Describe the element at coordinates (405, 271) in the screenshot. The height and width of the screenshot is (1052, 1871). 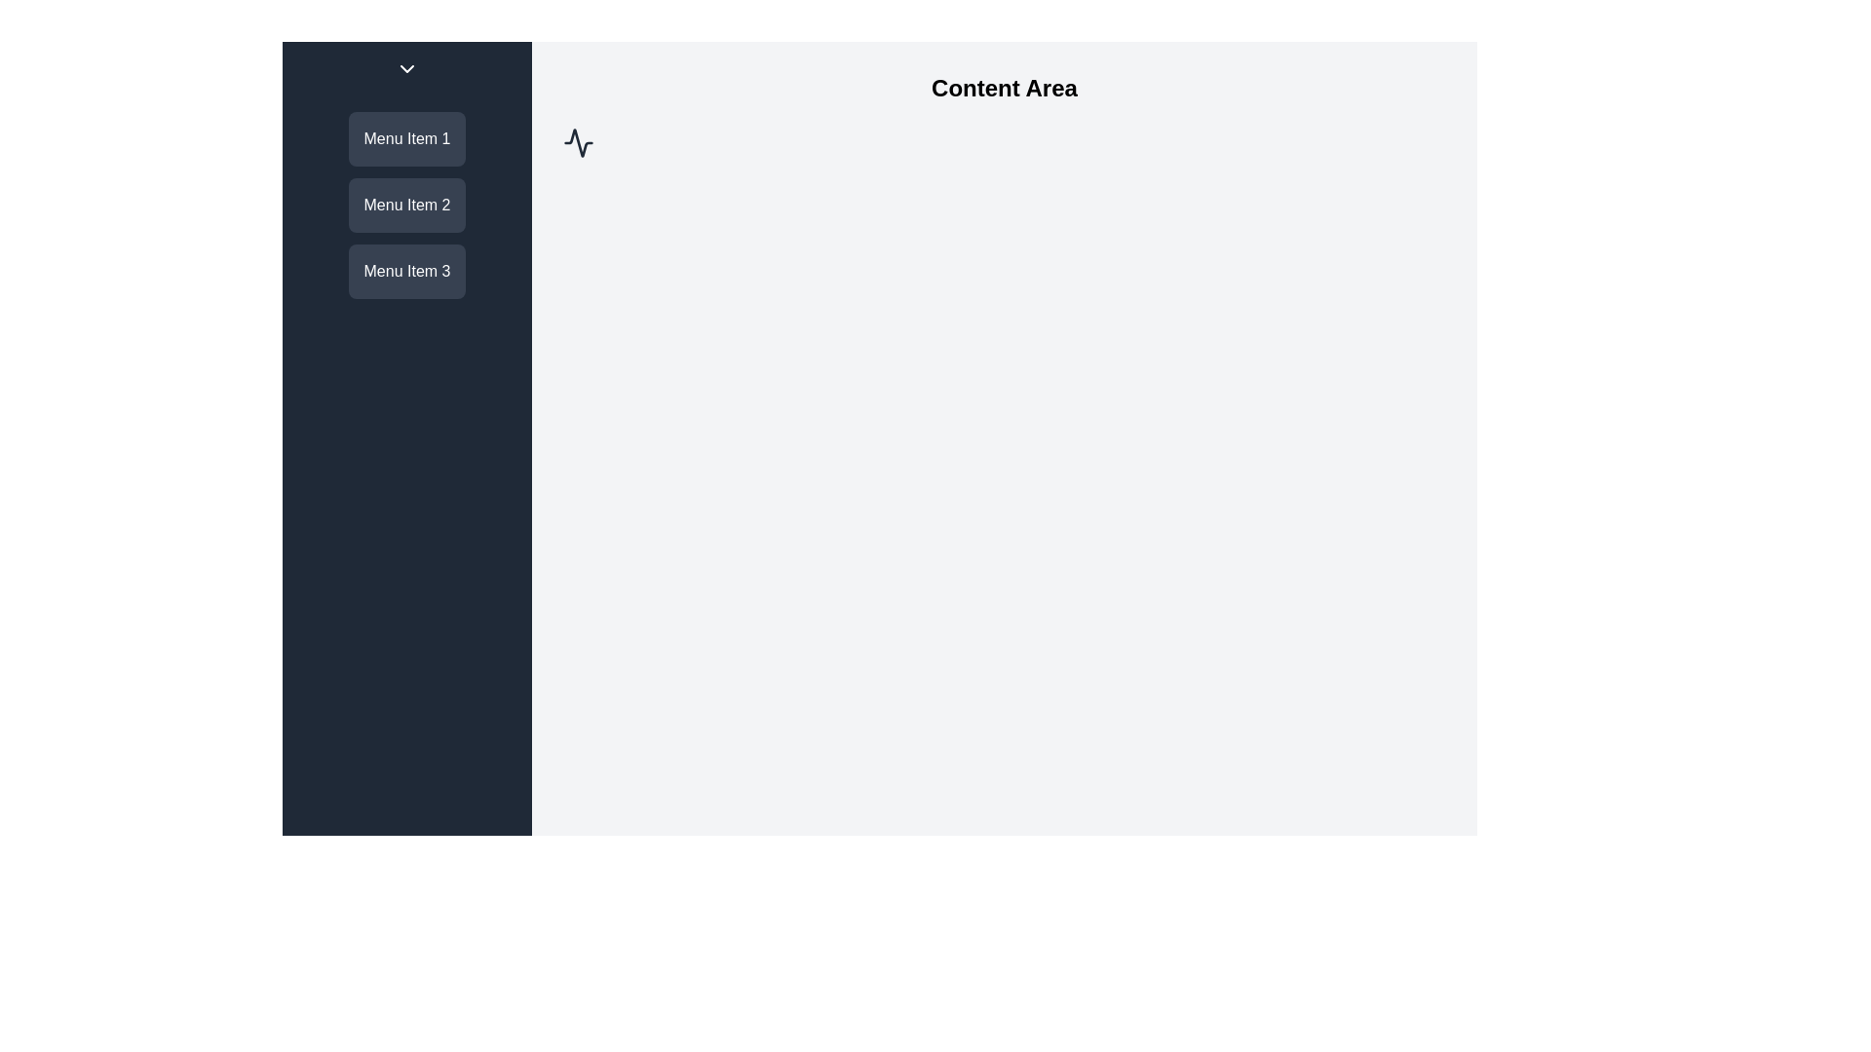
I see `the 'Menu Item 3' button, which is the third button in a vertical stack on the left sidebar with a dark gray background and white text` at that location.